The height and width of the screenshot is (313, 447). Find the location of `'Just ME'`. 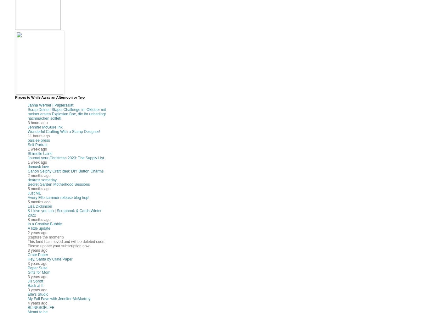

'Just ME' is located at coordinates (34, 193).